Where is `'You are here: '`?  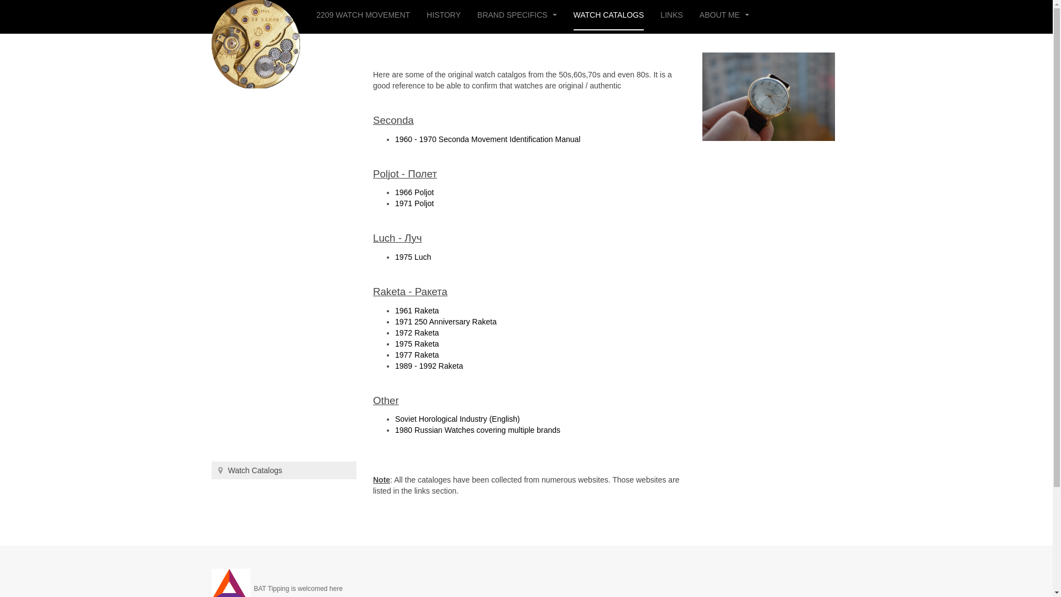
'You are here: ' is located at coordinates (220, 470).